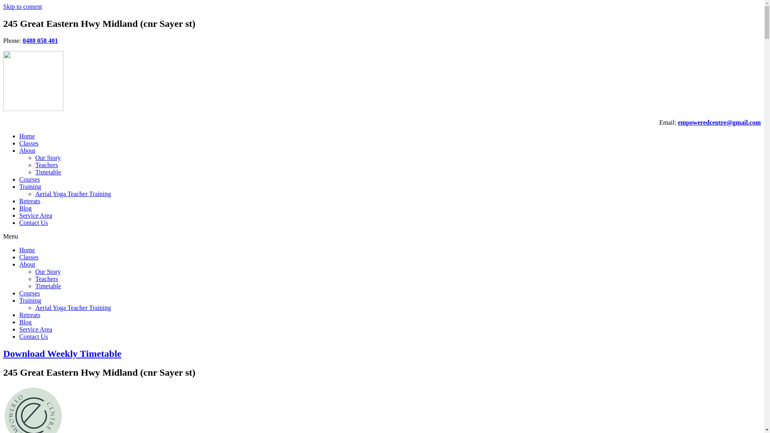 This screenshot has width=770, height=433. Describe the element at coordinates (33, 223) in the screenshot. I see `'Contact Us'` at that location.